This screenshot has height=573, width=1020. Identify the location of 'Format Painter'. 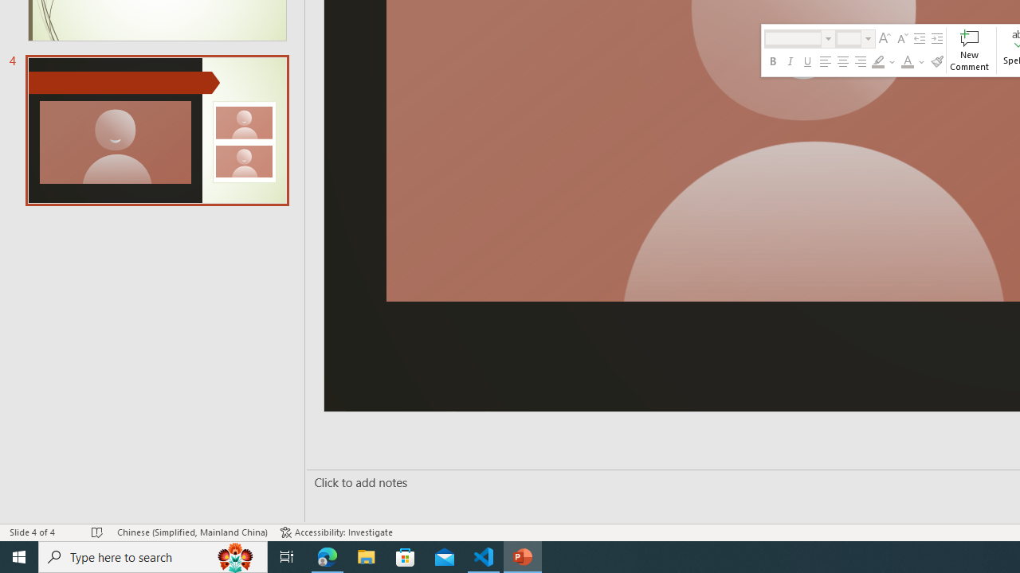
(936, 61).